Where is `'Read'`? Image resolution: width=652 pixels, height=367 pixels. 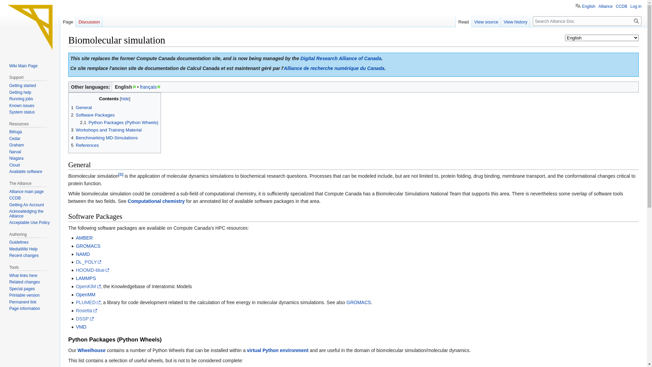 'Read' is located at coordinates (463, 20).